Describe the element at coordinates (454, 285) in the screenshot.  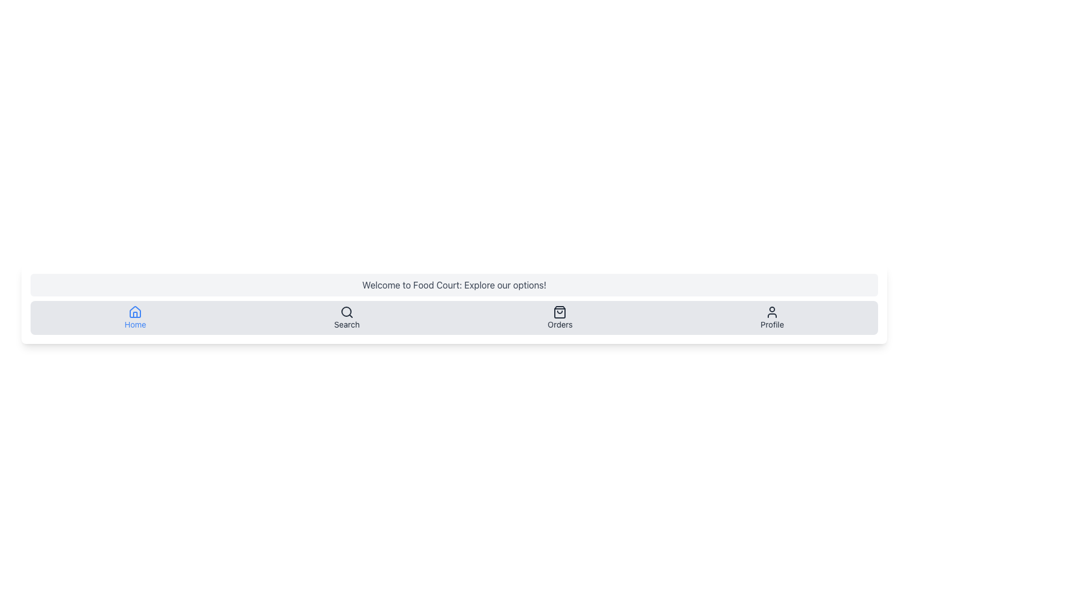
I see `the welcome message label indicating the purpose or theme of the page, located above the navigation bar` at that location.